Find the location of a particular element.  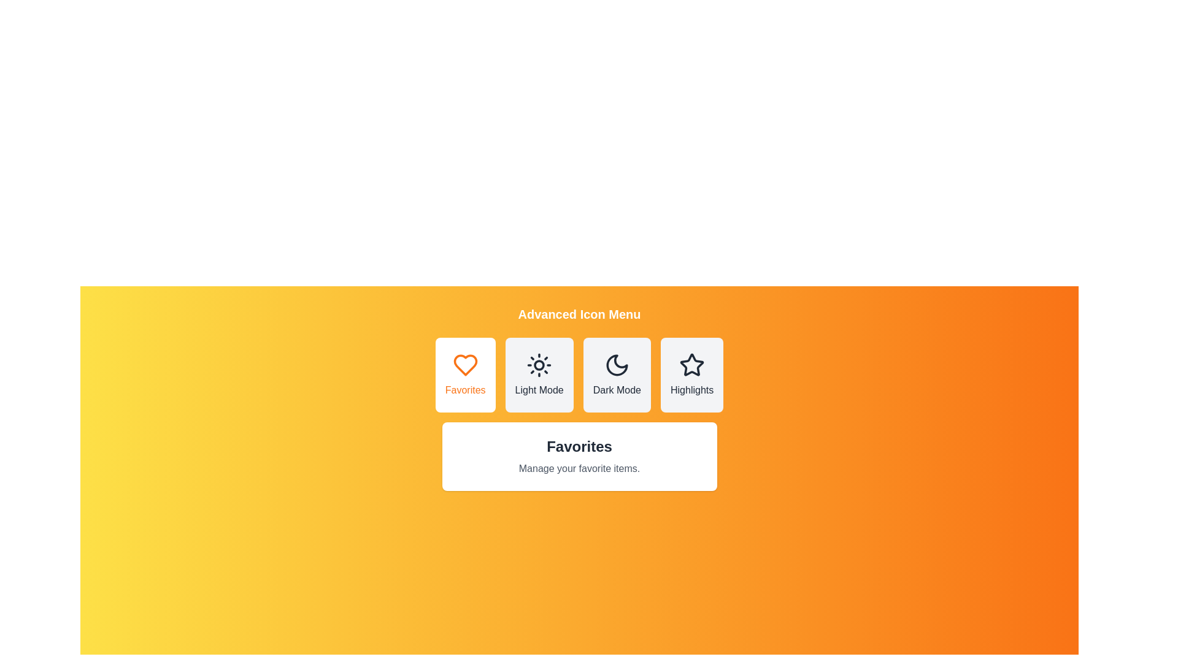

the sun icon with radiating lines in the 'Light Mode' card is located at coordinates (539, 365).